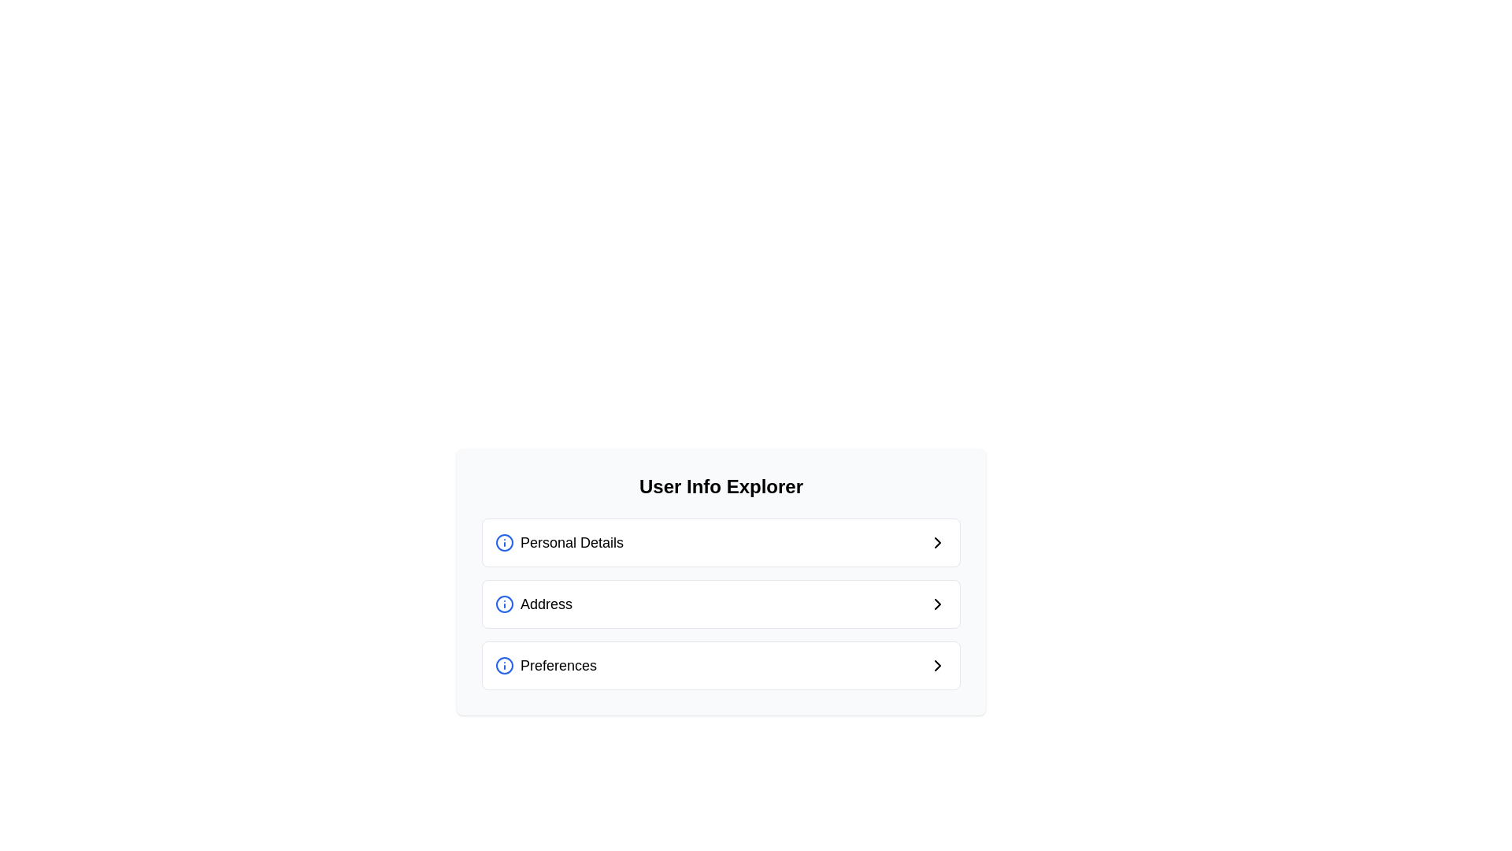 This screenshot has width=1512, height=851. Describe the element at coordinates (937, 665) in the screenshot. I see `the right-facing chevron icon in the Preferences row of the User Info Explorer interface` at that location.